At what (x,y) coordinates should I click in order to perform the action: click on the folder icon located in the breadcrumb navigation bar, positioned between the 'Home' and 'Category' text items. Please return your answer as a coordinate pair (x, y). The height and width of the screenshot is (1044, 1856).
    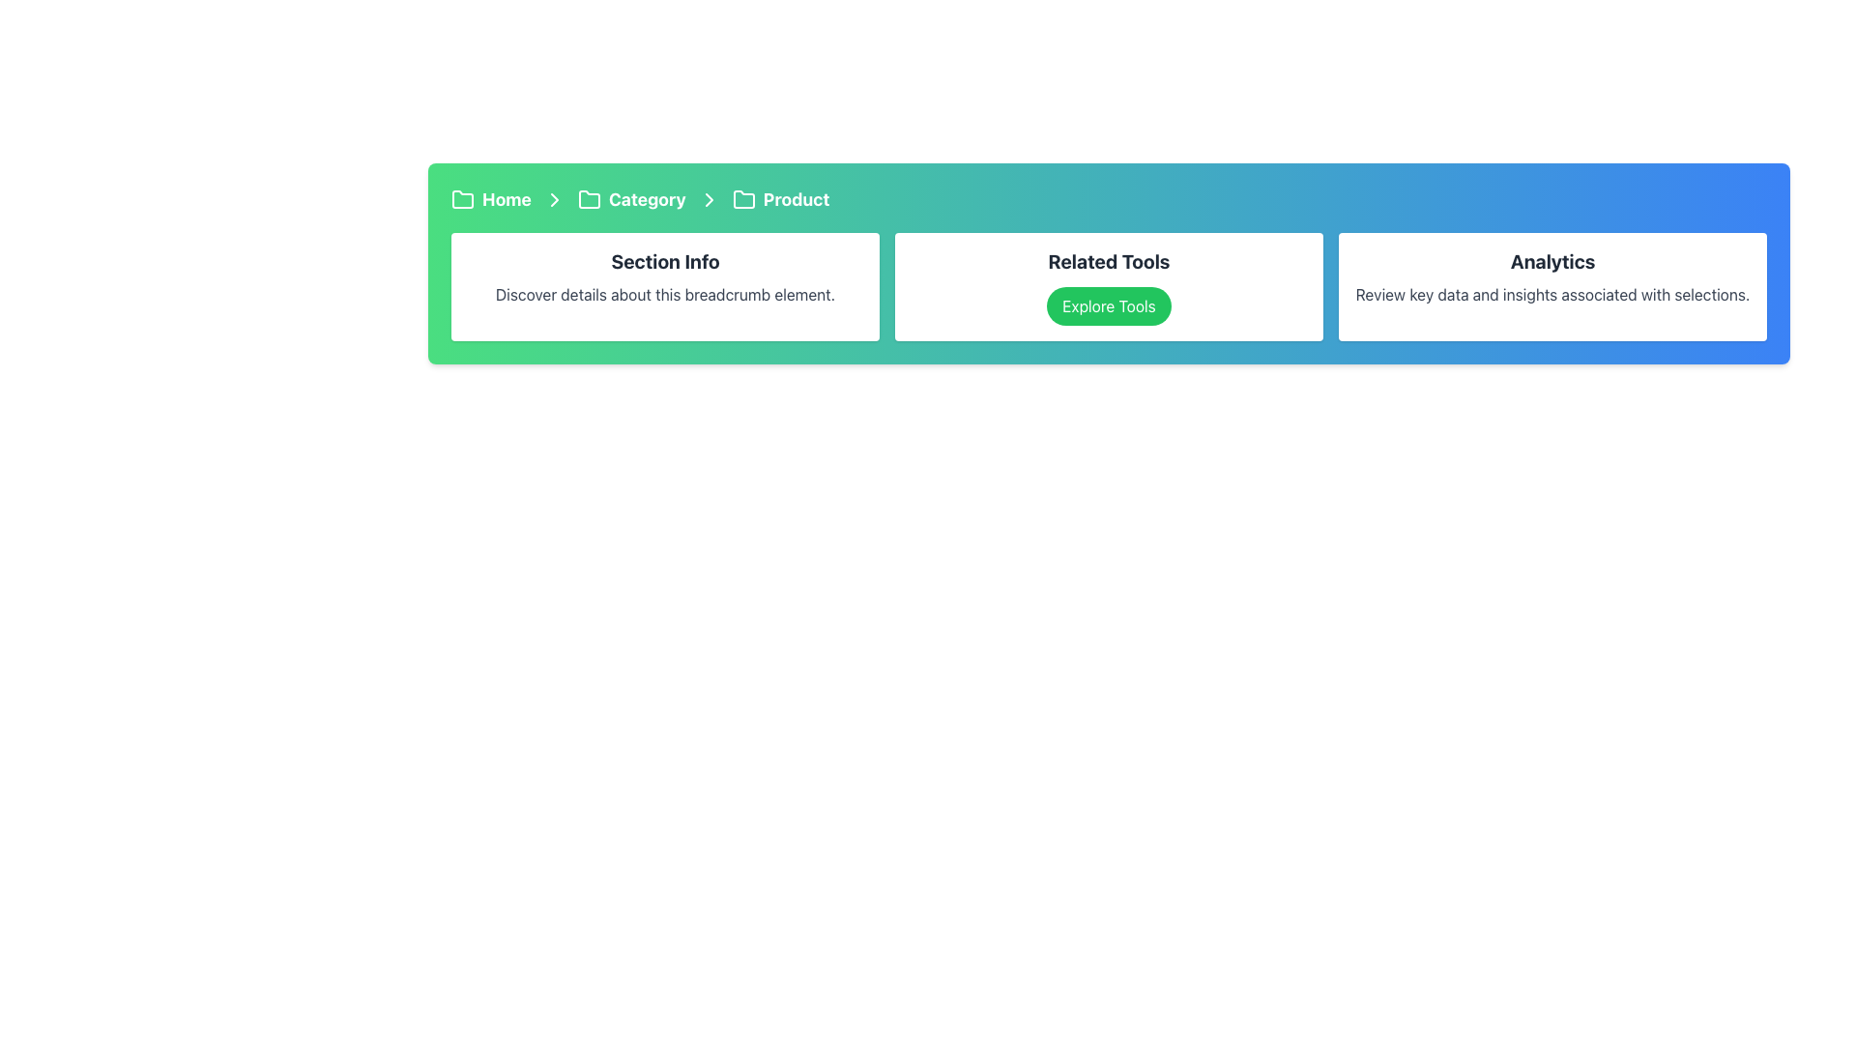
    Looking at the image, I should click on (588, 199).